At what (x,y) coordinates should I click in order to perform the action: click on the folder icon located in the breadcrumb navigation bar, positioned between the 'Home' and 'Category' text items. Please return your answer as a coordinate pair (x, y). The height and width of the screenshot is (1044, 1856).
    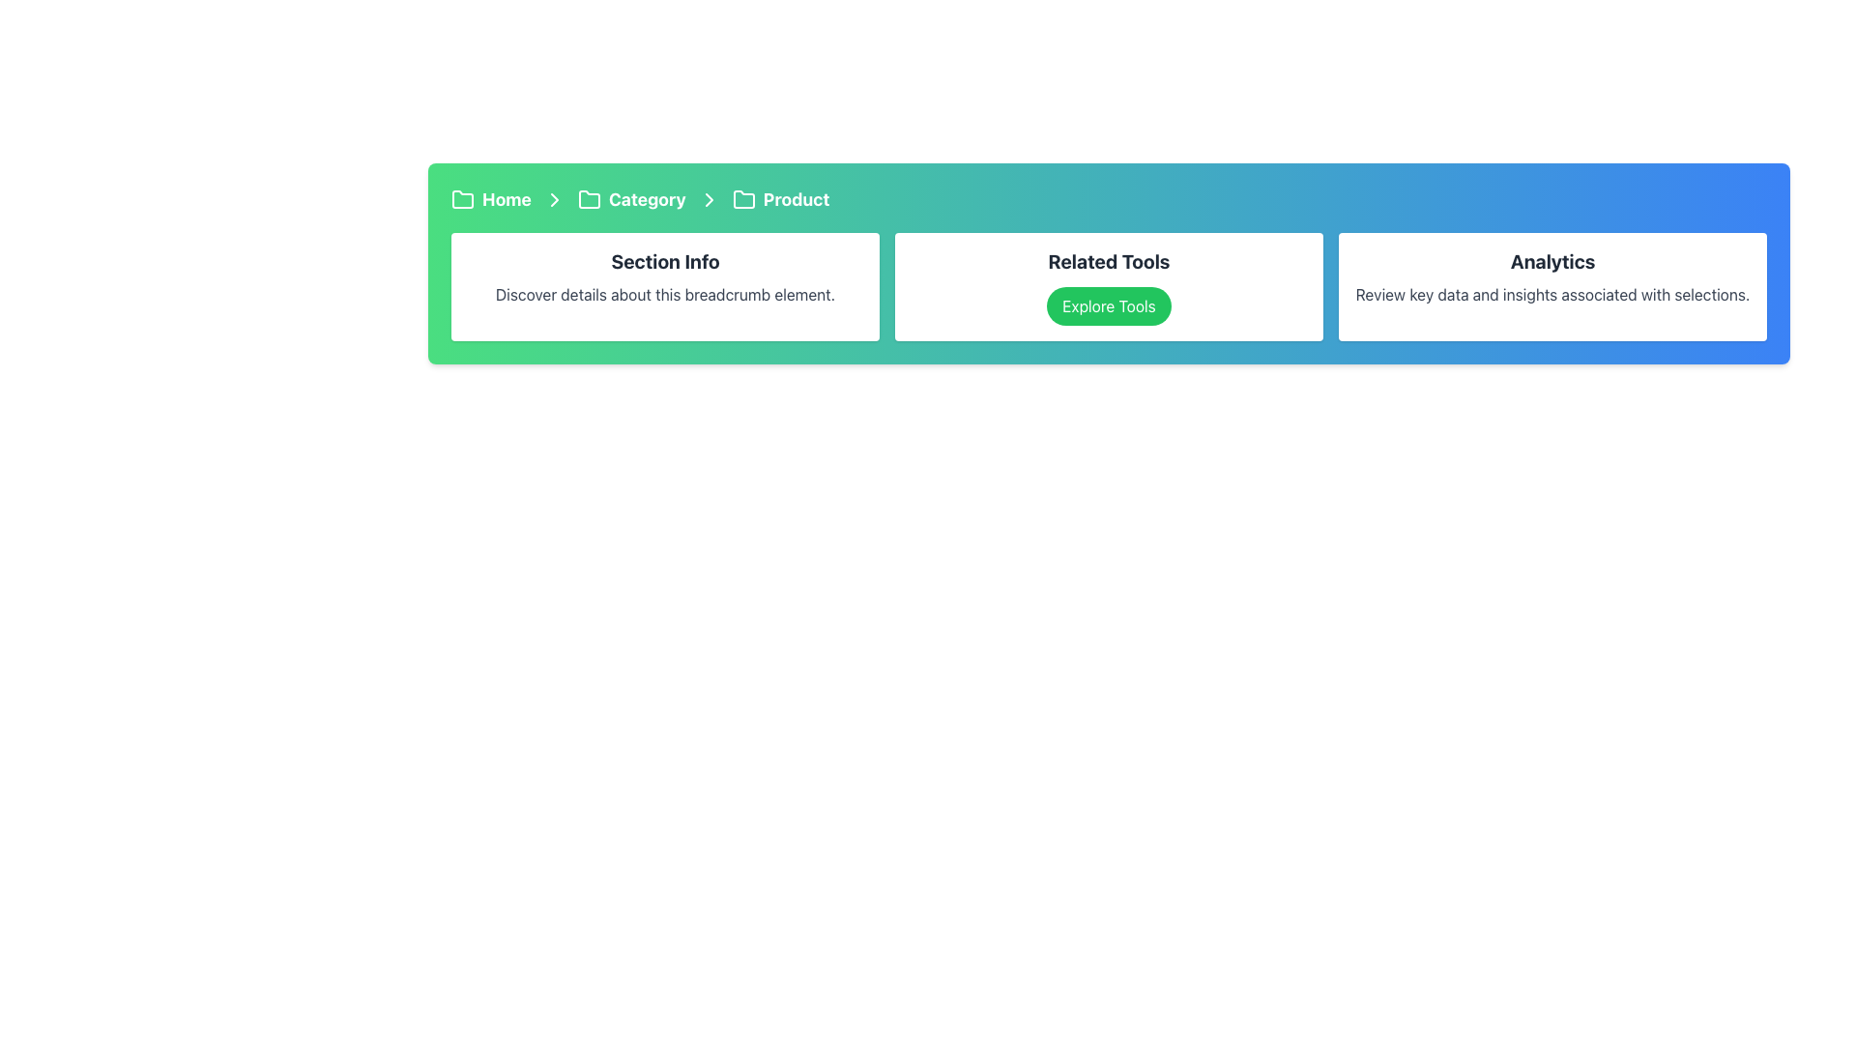
    Looking at the image, I should click on (588, 199).